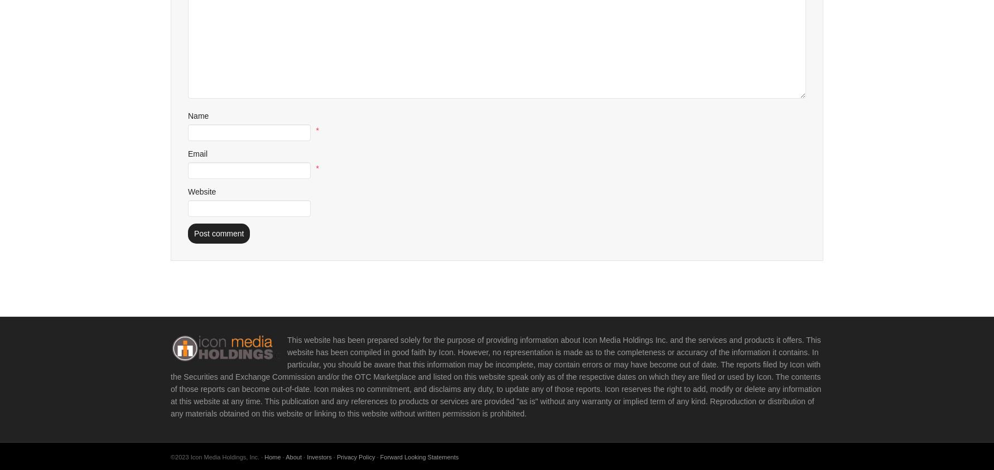  I want to click on 'About', so click(284, 456).